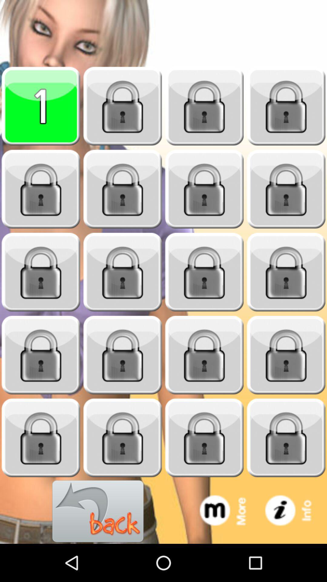  What do you see at coordinates (41, 106) in the screenshot?
I see `level 1` at bounding box center [41, 106].